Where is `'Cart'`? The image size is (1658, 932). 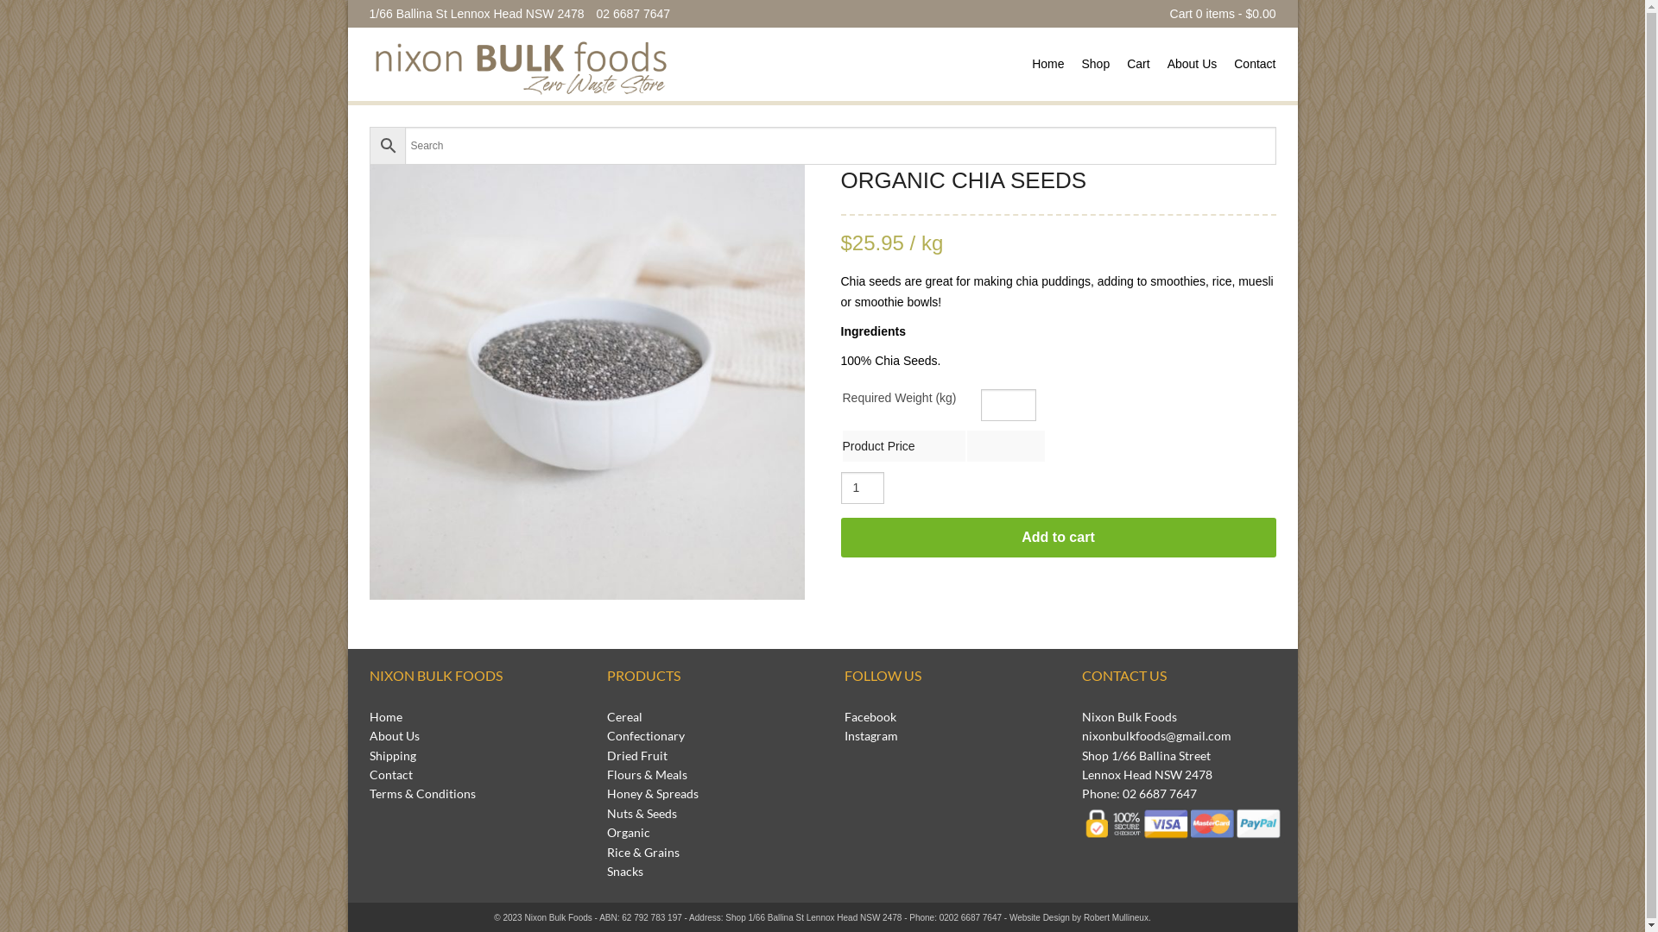 'Cart' is located at coordinates (1138, 63).